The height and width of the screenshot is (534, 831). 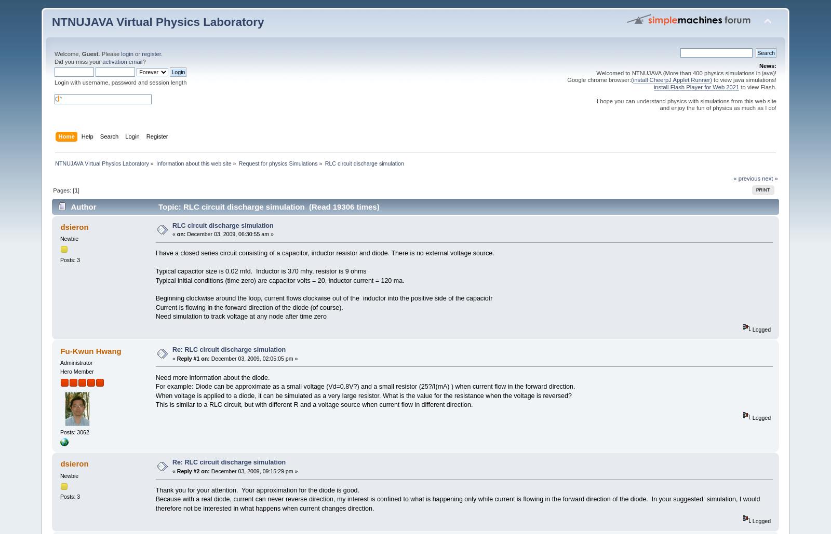 I want to click on 'This is similar to a RLC circuit, but with different R and a voltage source when current flow in different direction.', so click(x=314, y=404).